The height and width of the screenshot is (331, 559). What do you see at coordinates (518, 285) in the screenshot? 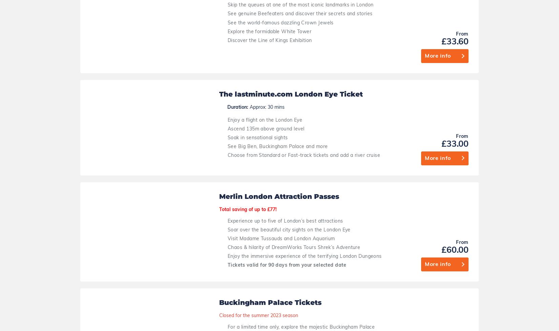
I see `'£29.00'` at bounding box center [518, 285].